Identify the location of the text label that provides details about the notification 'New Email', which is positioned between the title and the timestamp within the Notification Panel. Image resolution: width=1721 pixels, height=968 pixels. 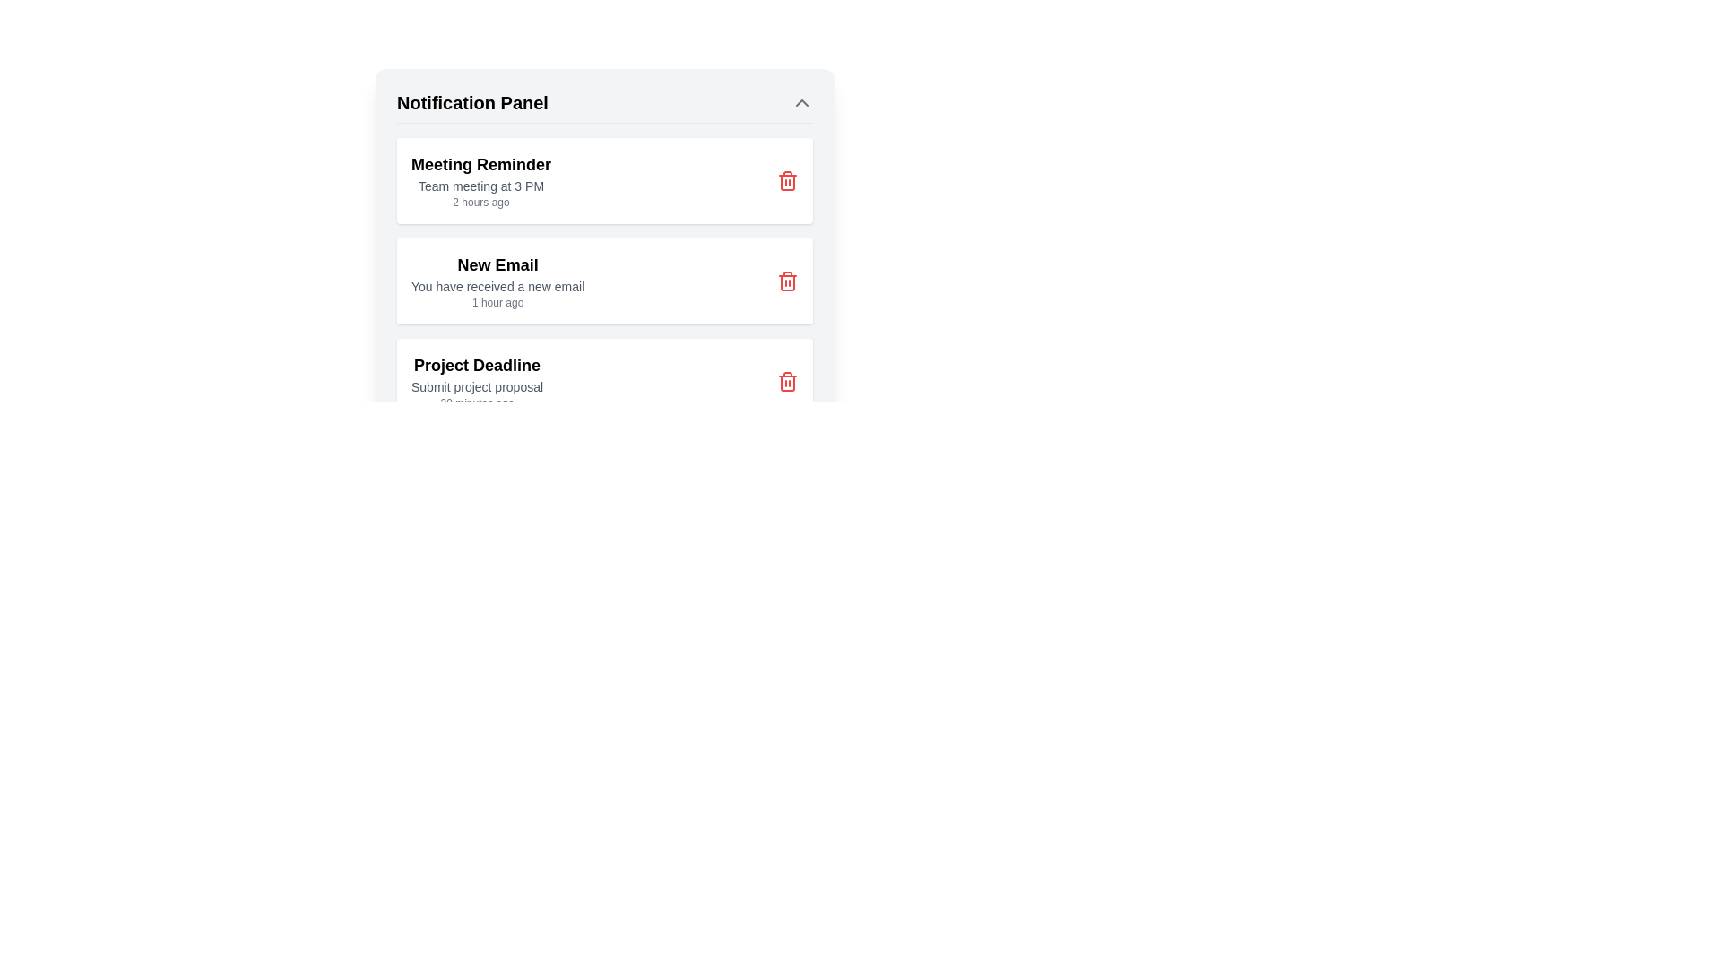
(497, 286).